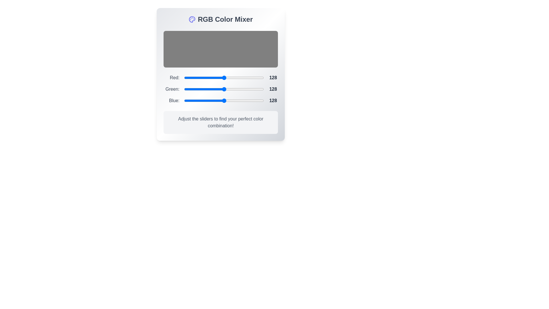 This screenshot has height=309, width=549. Describe the element at coordinates (215, 78) in the screenshot. I see `the 0 slider to 101` at that location.